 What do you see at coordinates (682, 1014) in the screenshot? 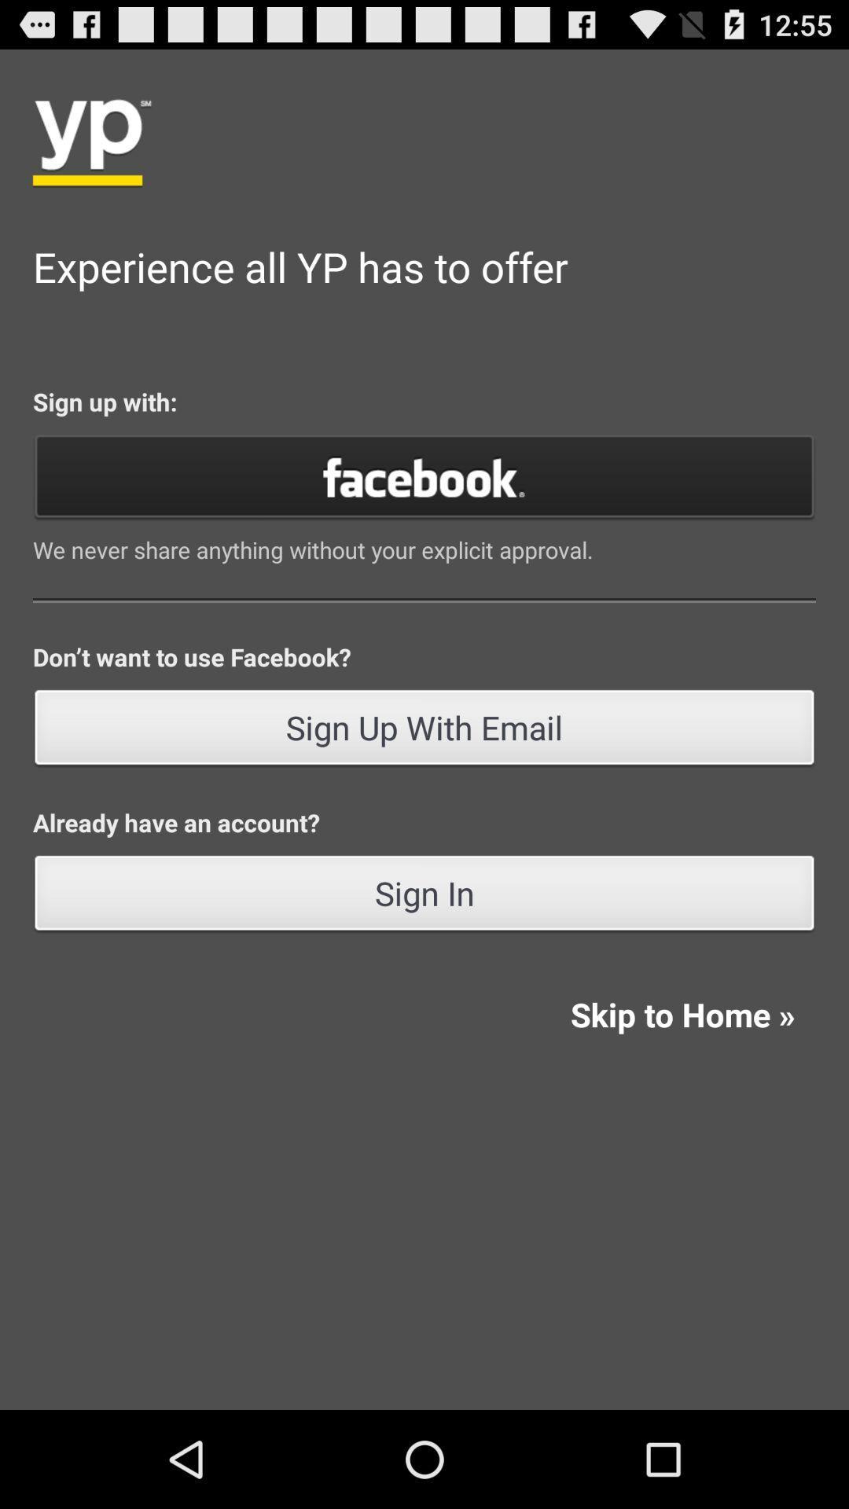
I see `item below the sign in item` at bounding box center [682, 1014].